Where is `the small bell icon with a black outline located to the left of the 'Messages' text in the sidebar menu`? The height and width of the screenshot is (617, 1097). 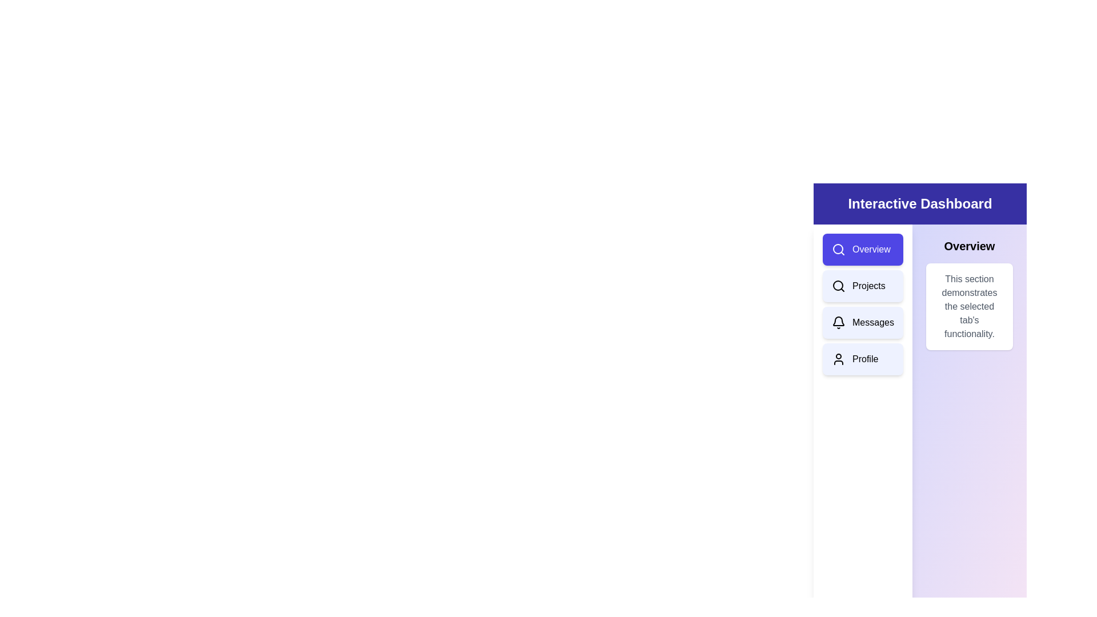 the small bell icon with a black outline located to the left of the 'Messages' text in the sidebar menu is located at coordinates (839, 322).